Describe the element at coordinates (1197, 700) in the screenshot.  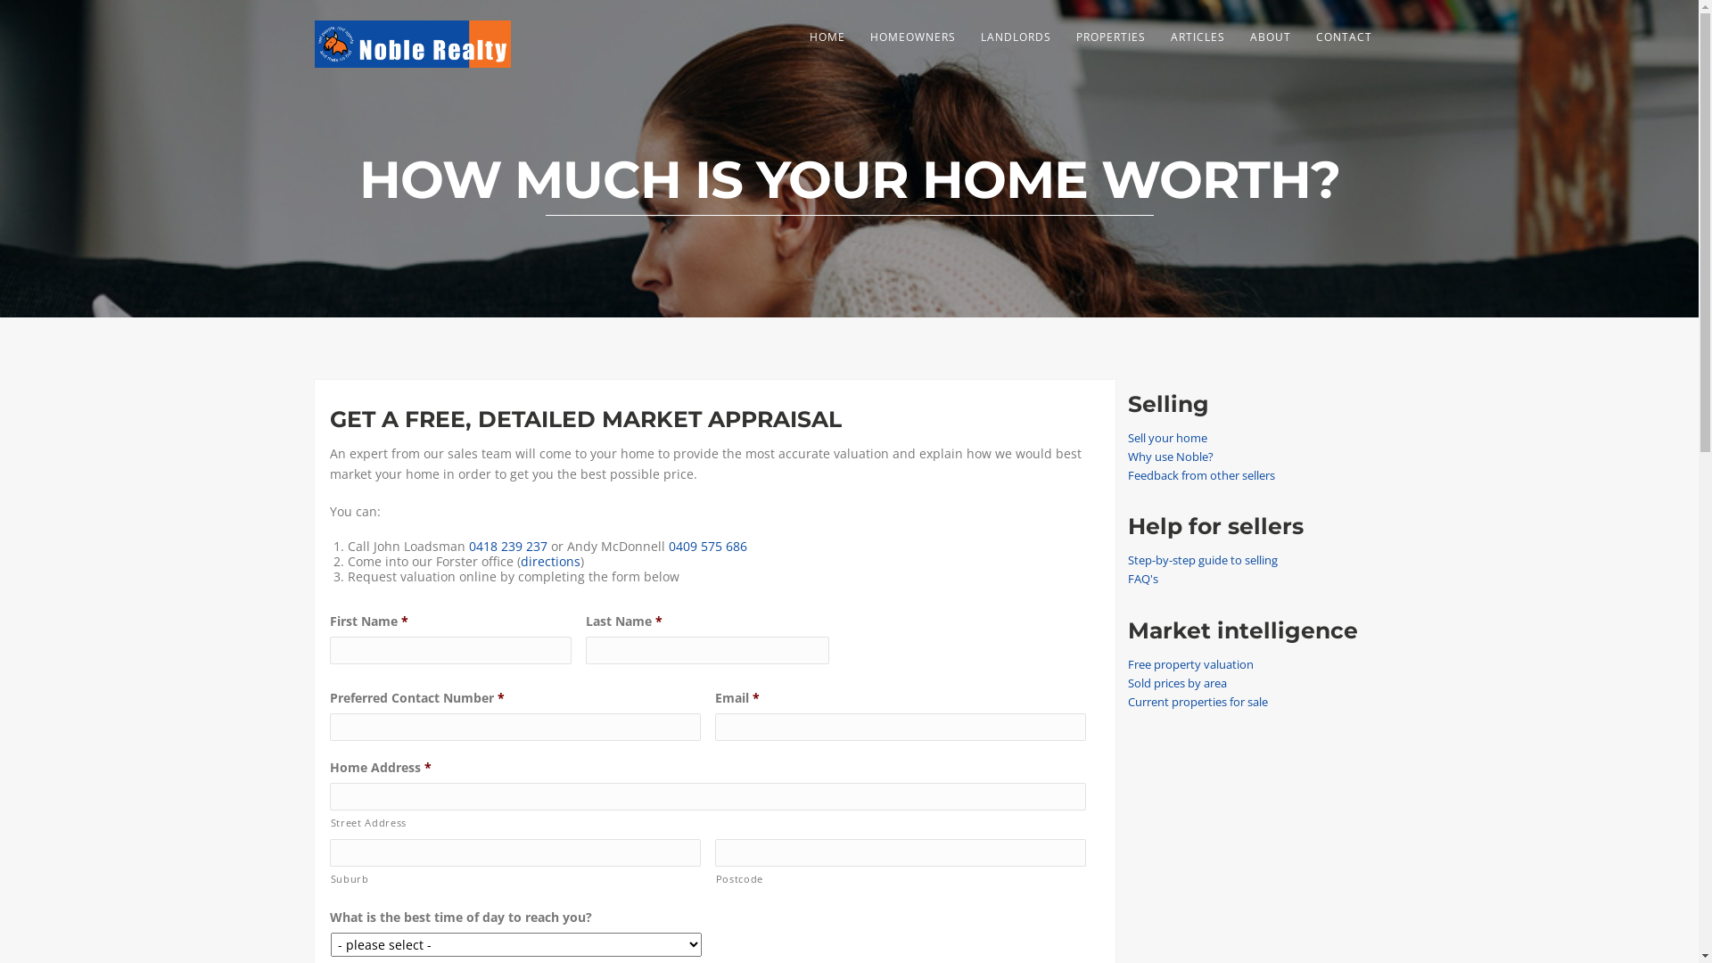
I see `'Current properties for sale'` at that location.